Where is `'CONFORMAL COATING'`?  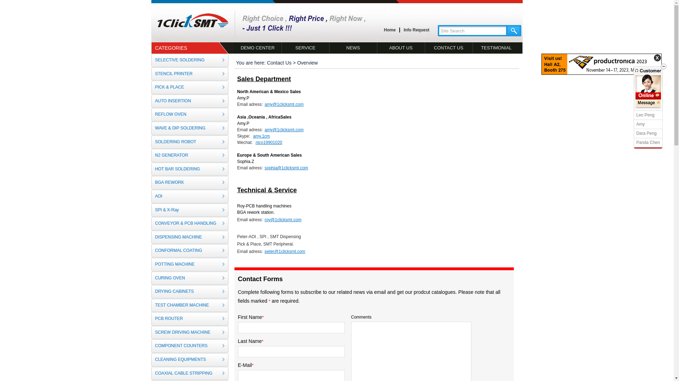
'CONFORMAL COATING' is located at coordinates (190, 250).